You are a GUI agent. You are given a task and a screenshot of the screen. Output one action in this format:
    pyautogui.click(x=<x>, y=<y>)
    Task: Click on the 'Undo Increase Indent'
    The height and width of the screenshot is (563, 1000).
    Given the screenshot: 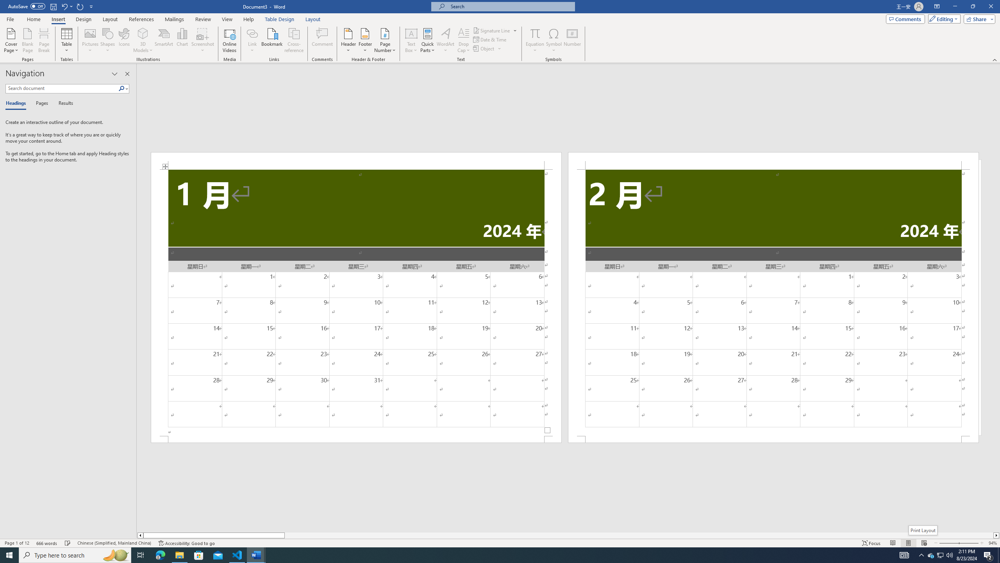 What is the action you would take?
    pyautogui.click(x=64, y=6)
    